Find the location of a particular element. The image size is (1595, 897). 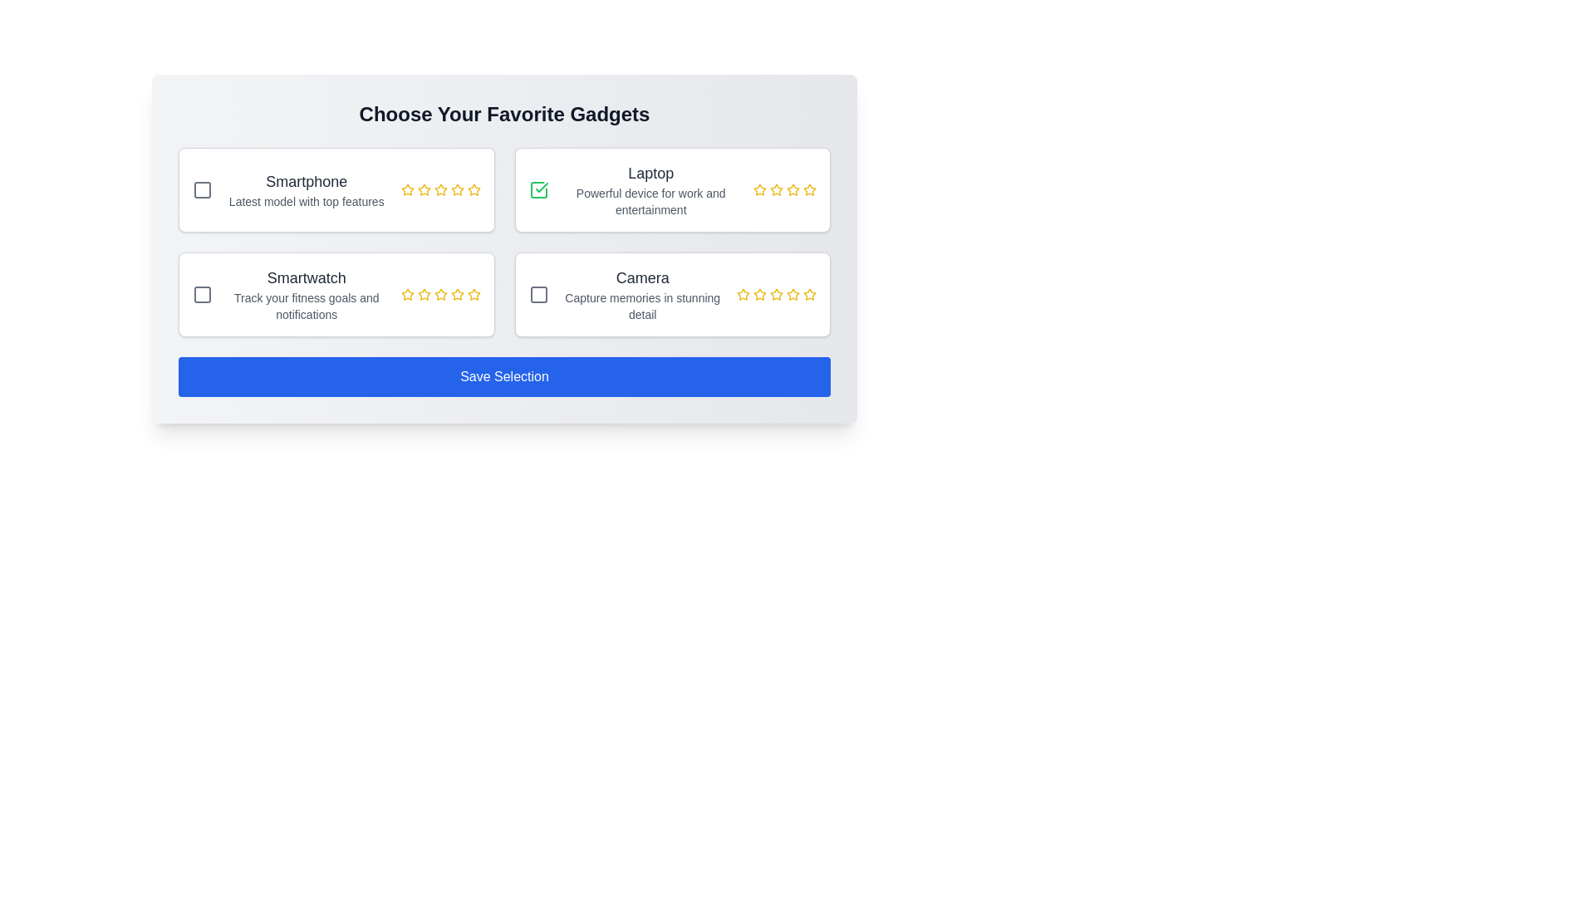

the last rating star icon to confirm a five-star rating for the 'Smartwatch' product is located at coordinates (457, 293).